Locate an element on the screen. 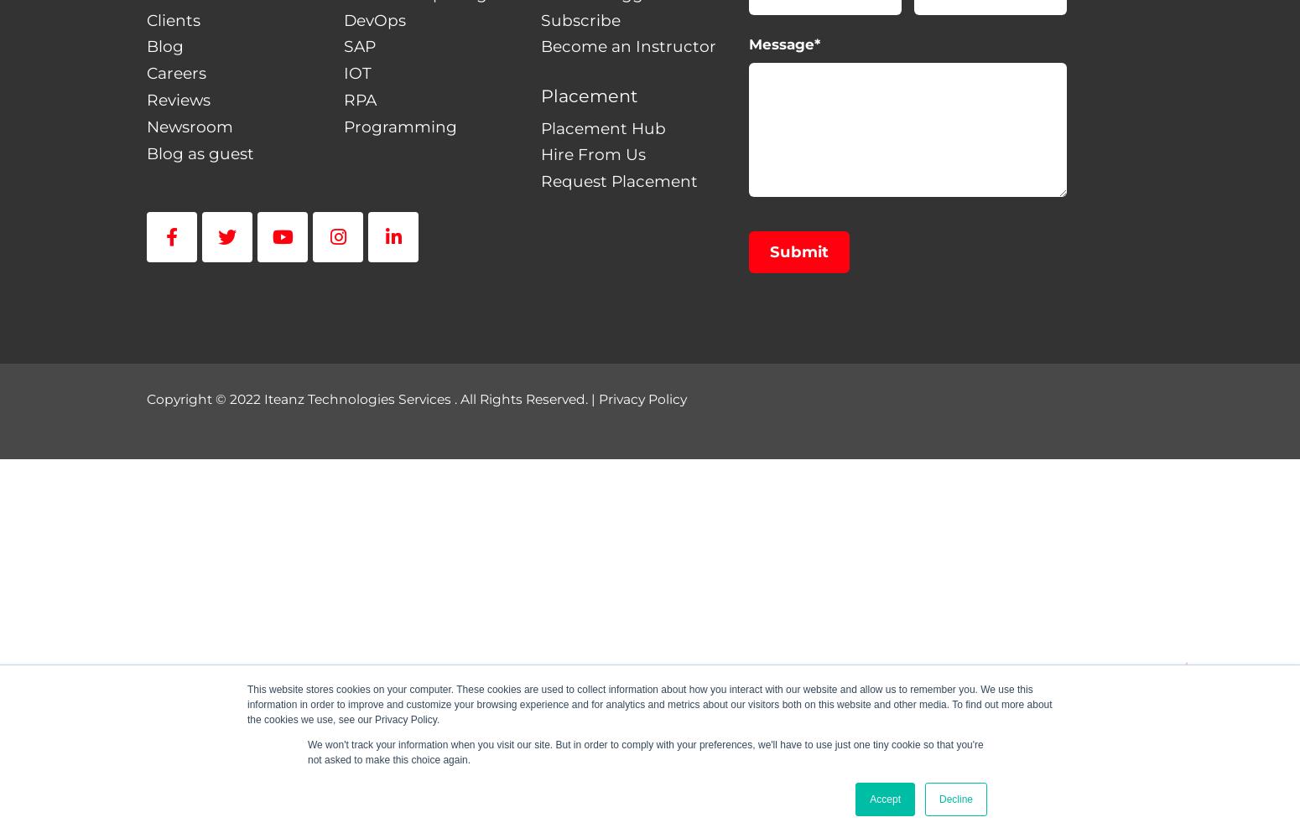  'Programming' is located at coordinates (398, 126).